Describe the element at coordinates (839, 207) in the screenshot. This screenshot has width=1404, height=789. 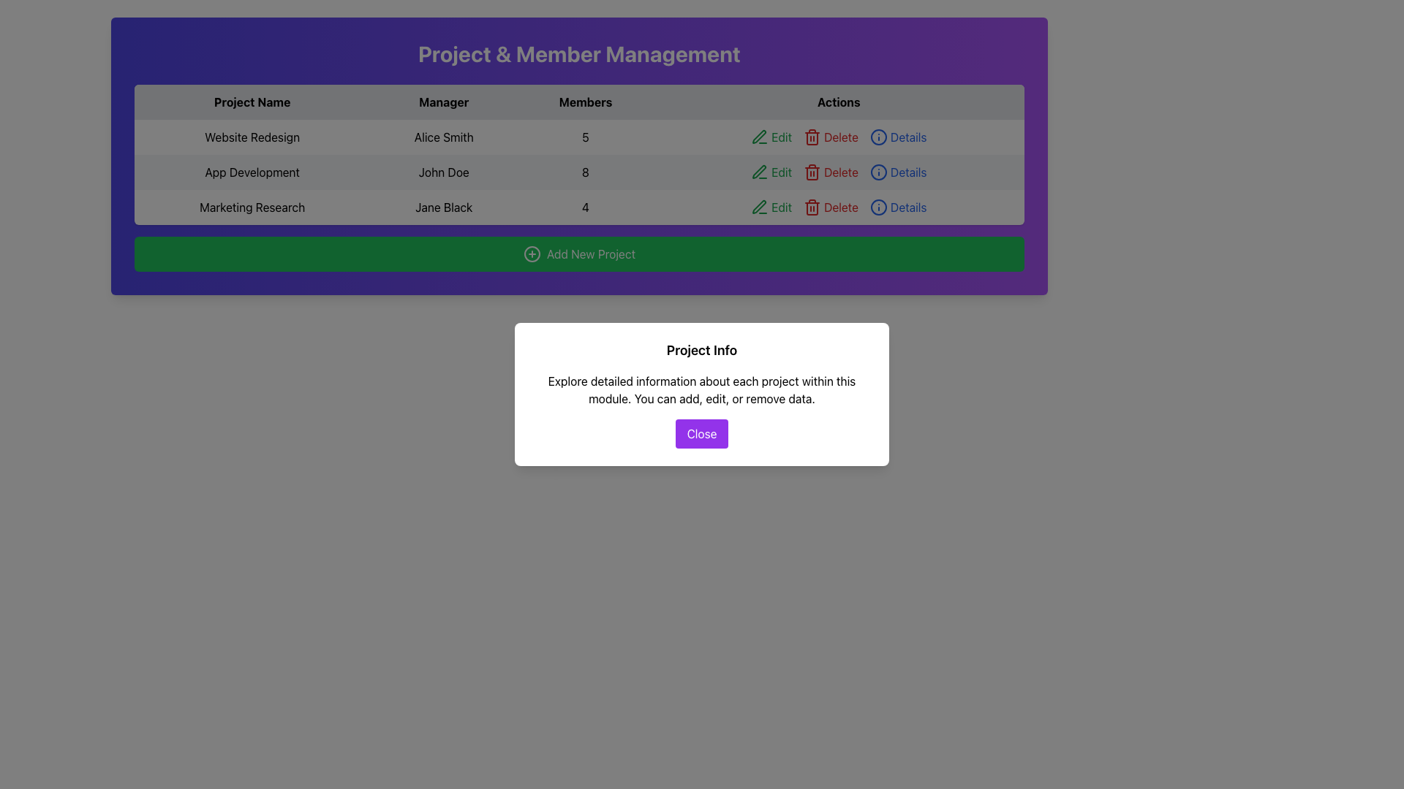
I see `the 'Edit' button in the last row under the 'Actions' column of the table for the 'Marketing Research' entry to change its color` at that location.